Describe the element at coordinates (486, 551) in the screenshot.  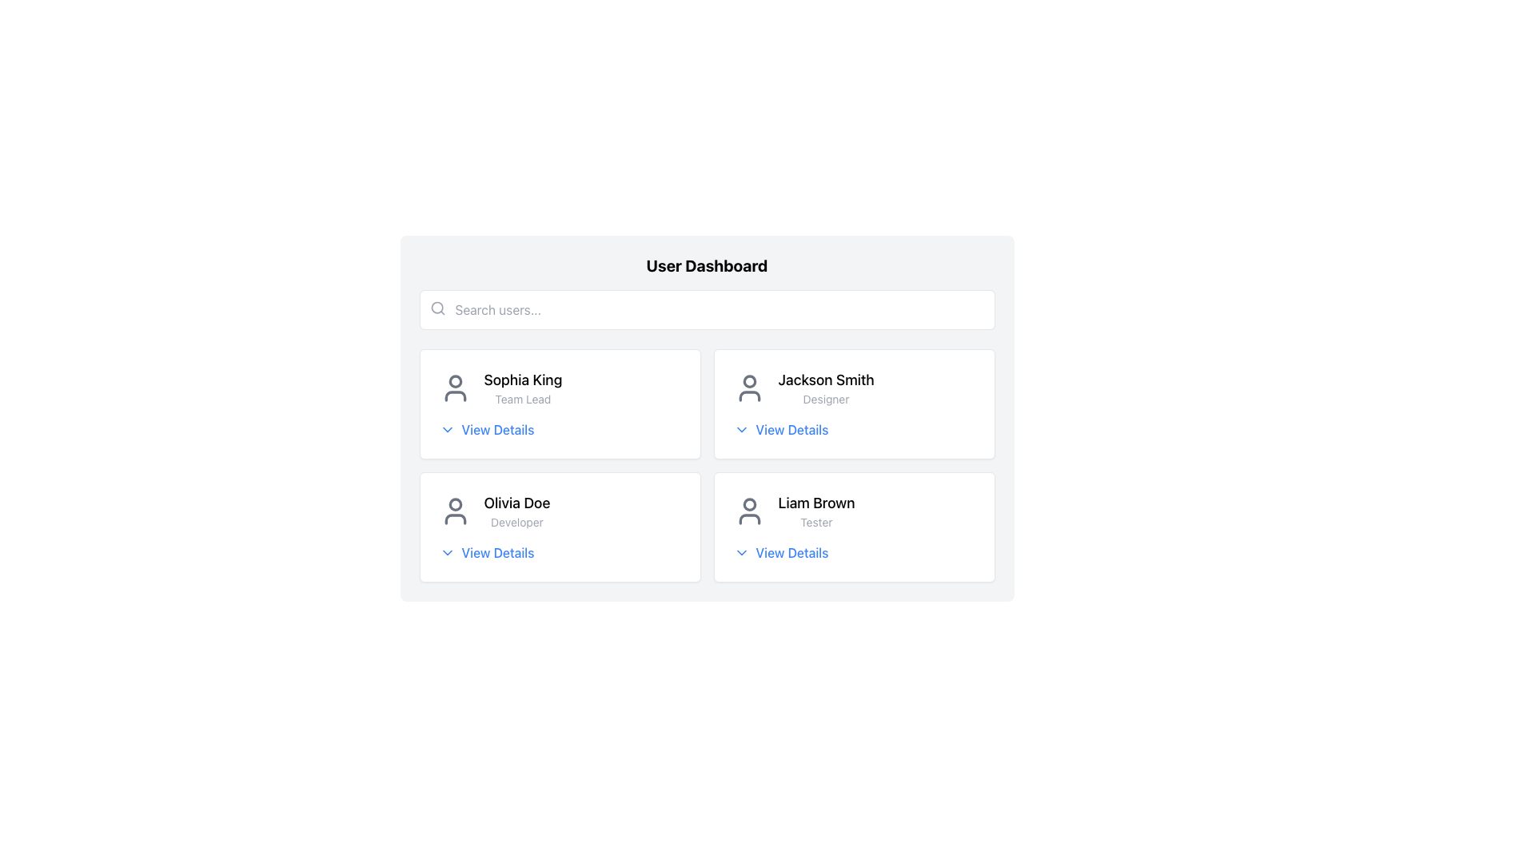
I see `the button located below the text 'Olivia Doe' and 'Developer' in the third user card from the left in the second row of the grid` at that location.